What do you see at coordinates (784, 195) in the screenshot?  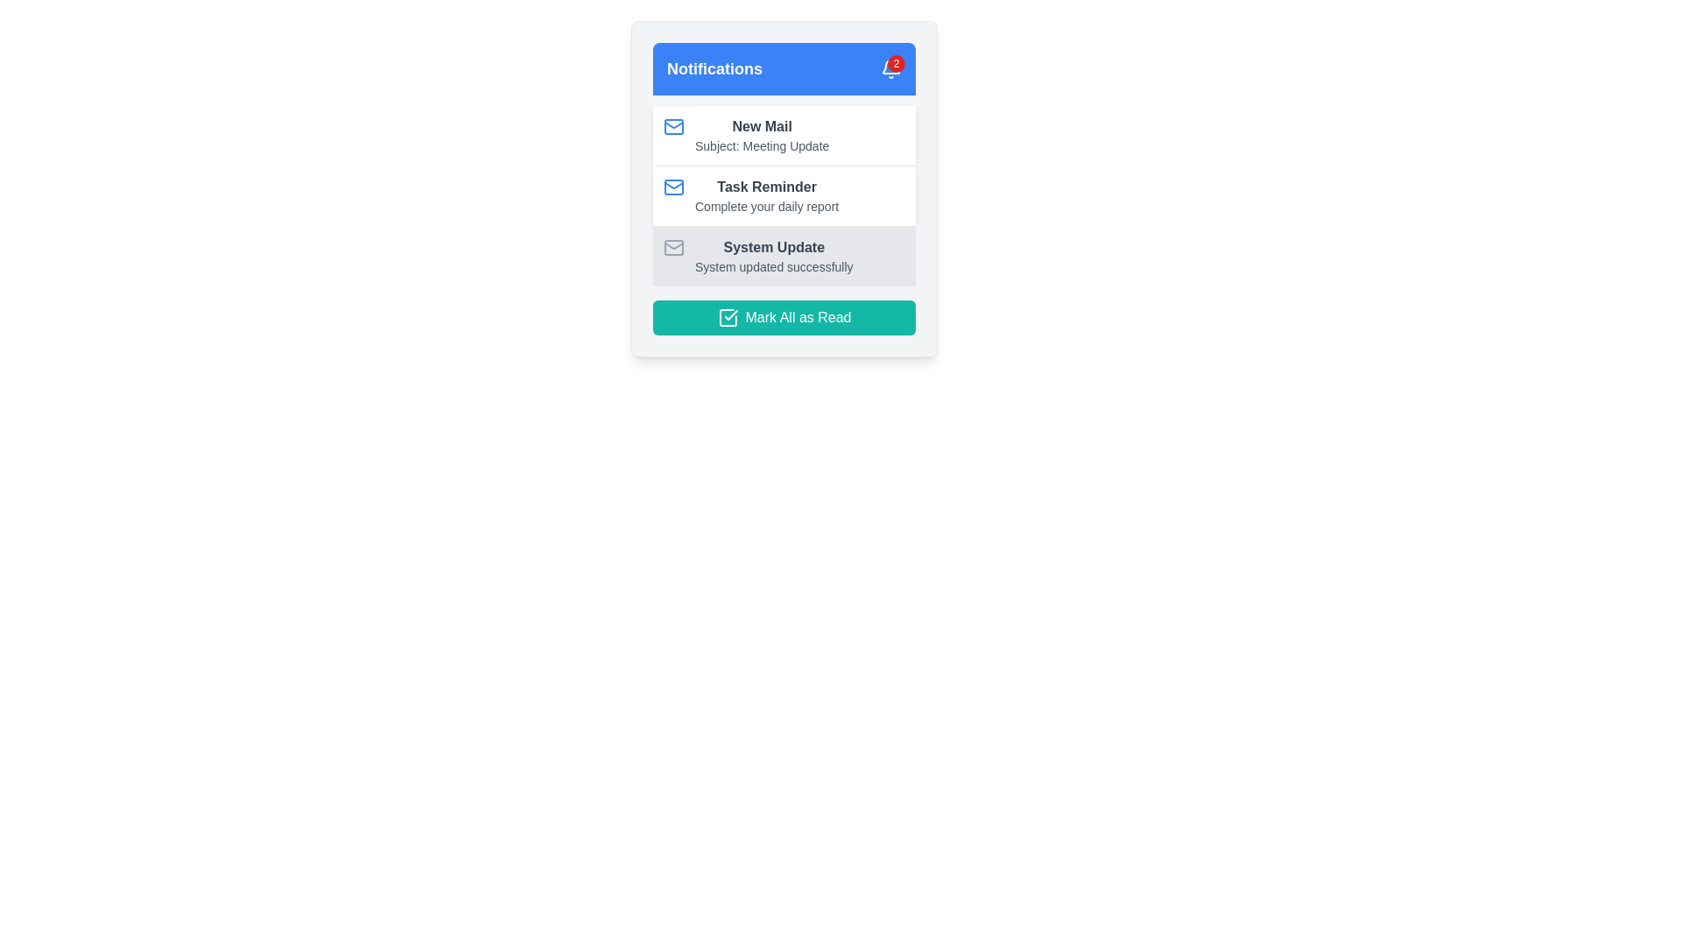 I see `the second notification item in the 'Notifications' list that reminds the user to complete their daily report` at bounding box center [784, 195].